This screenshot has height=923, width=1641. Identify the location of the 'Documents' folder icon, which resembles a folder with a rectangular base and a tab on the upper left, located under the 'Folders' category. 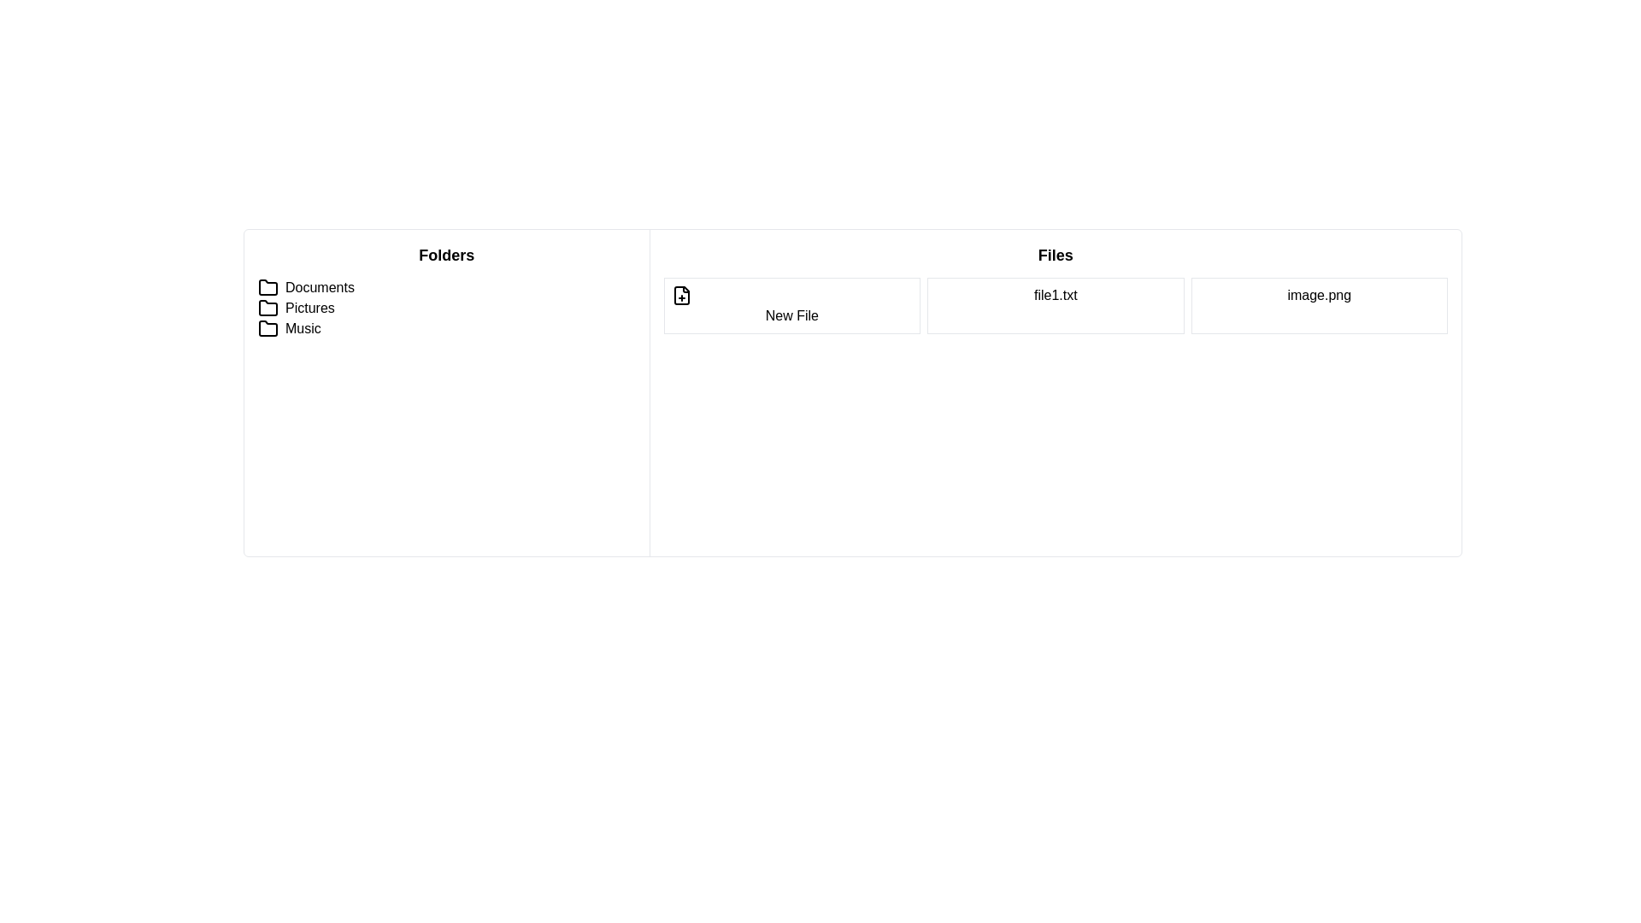
(267, 286).